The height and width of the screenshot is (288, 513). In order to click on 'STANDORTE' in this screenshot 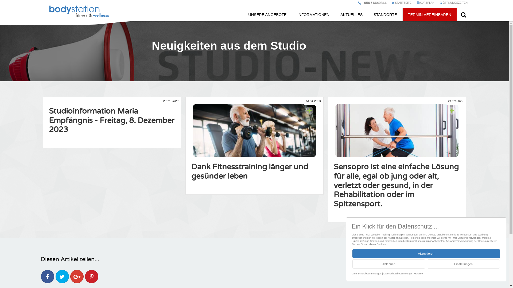, I will do `click(385, 14)`.